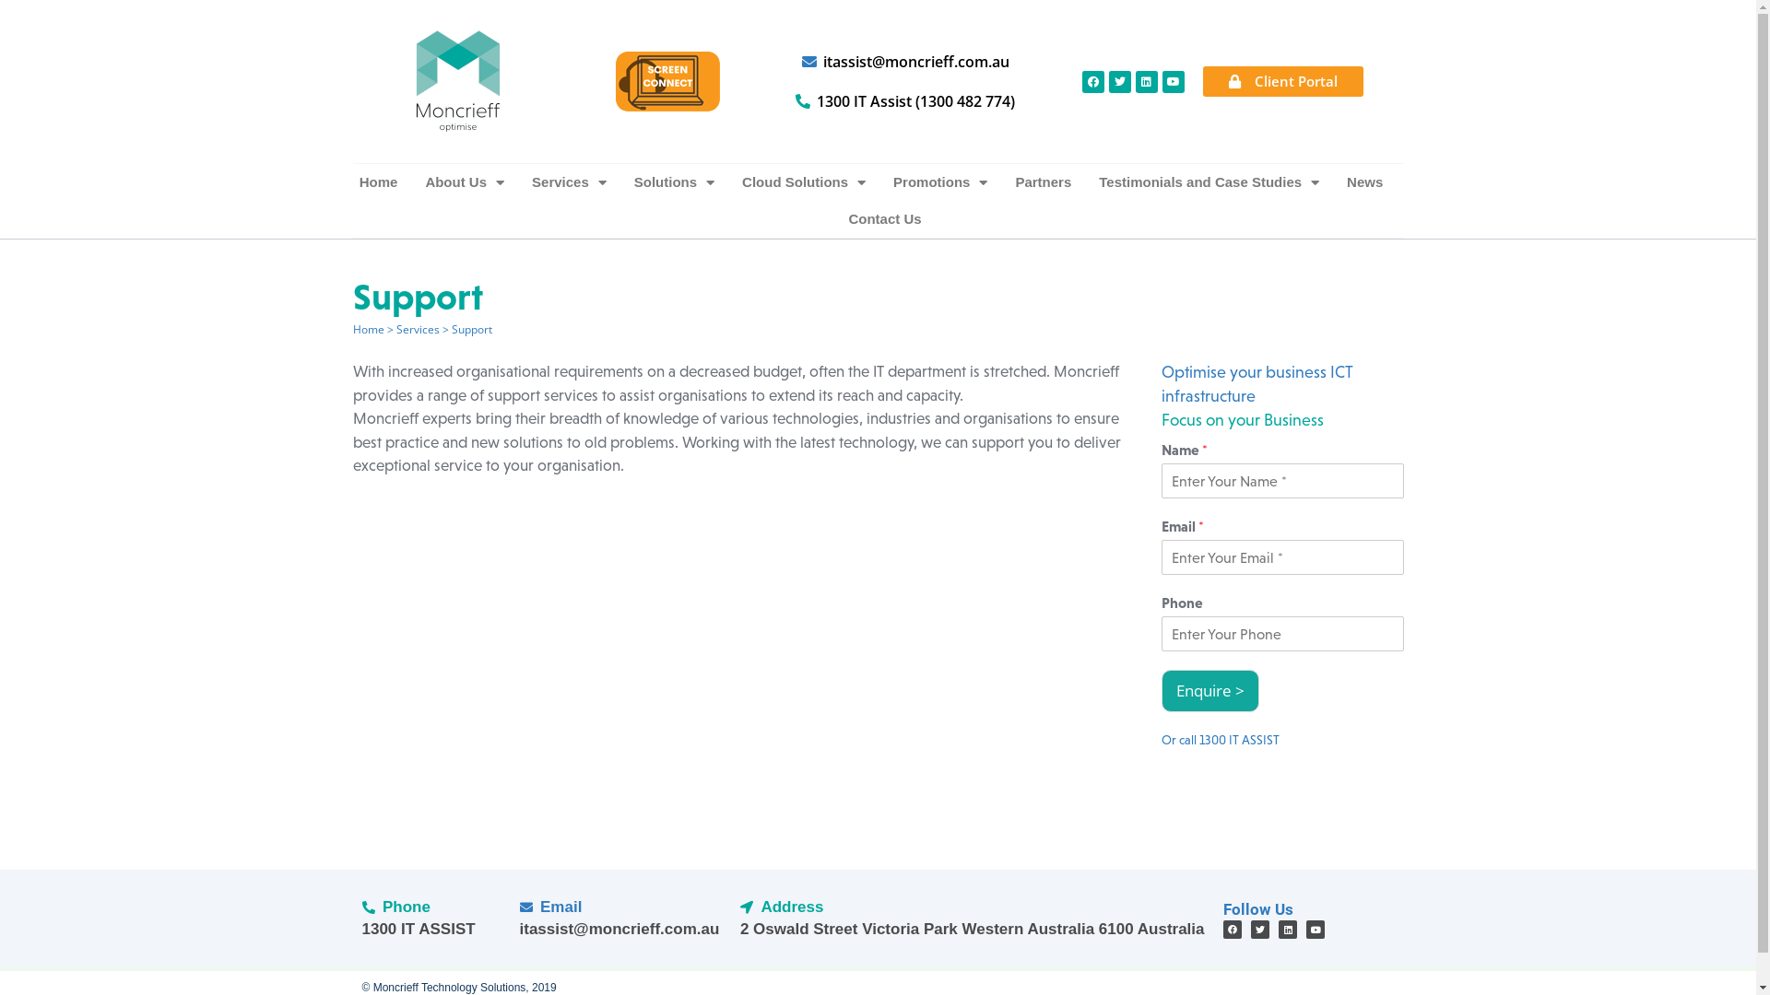 The image size is (1770, 995). Describe the element at coordinates (465, 181) in the screenshot. I see `'About Us'` at that location.